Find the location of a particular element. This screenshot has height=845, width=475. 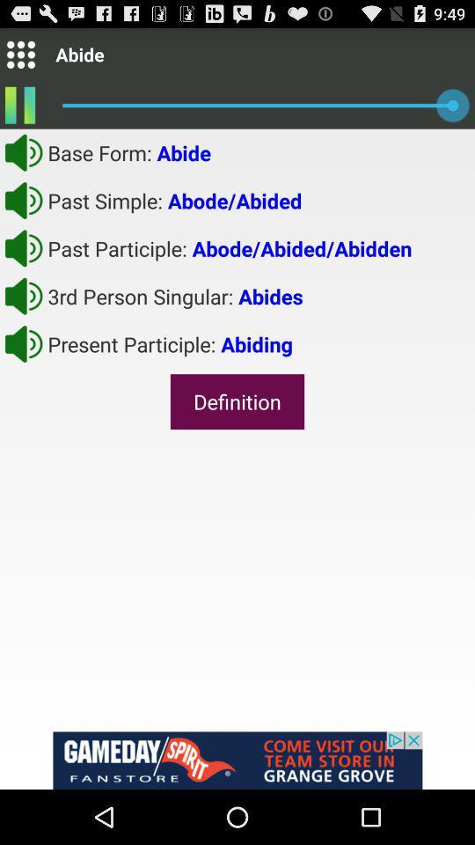

for adverisment is located at coordinates (237, 760).